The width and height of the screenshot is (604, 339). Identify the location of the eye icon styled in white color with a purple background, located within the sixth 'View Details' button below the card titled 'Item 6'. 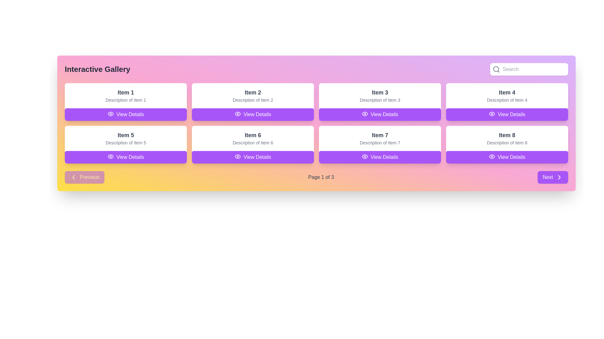
(238, 156).